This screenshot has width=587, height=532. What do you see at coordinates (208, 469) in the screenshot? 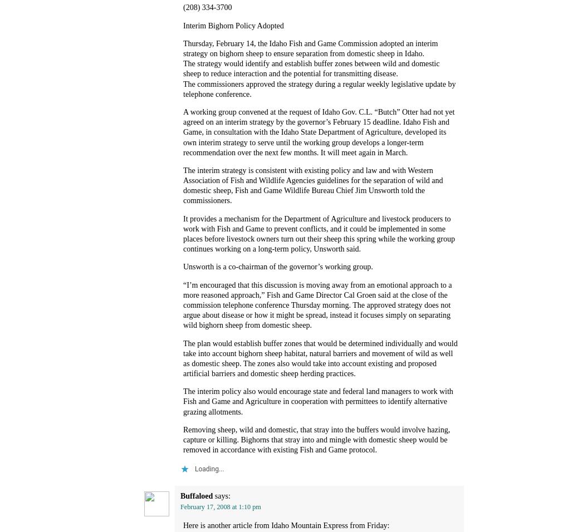
I see `'Loading...'` at bounding box center [208, 469].